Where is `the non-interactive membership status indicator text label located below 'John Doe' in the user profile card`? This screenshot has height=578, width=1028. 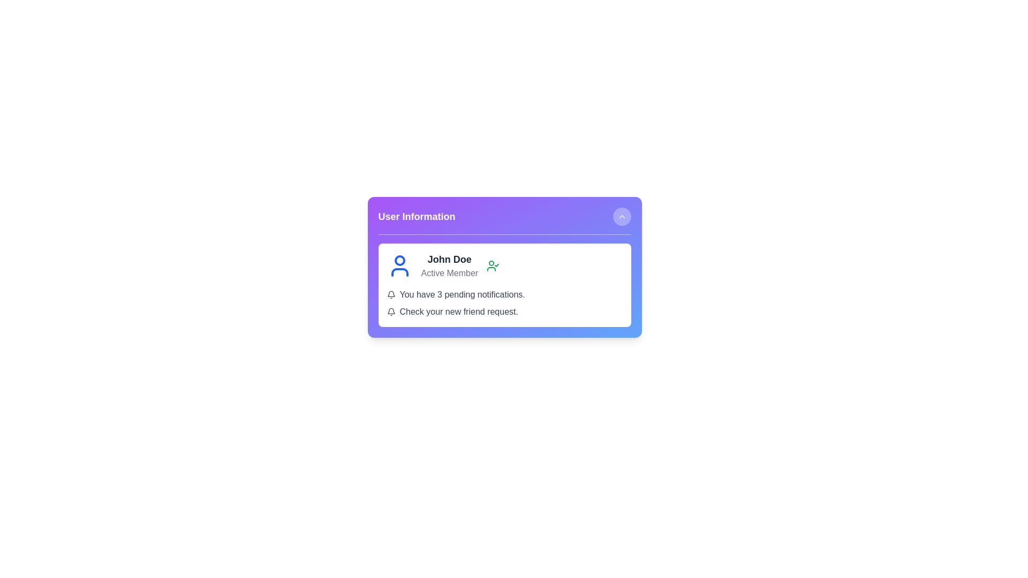
the non-interactive membership status indicator text label located below 'John Doe' in the user profile card is located at coordinates (449, 272).